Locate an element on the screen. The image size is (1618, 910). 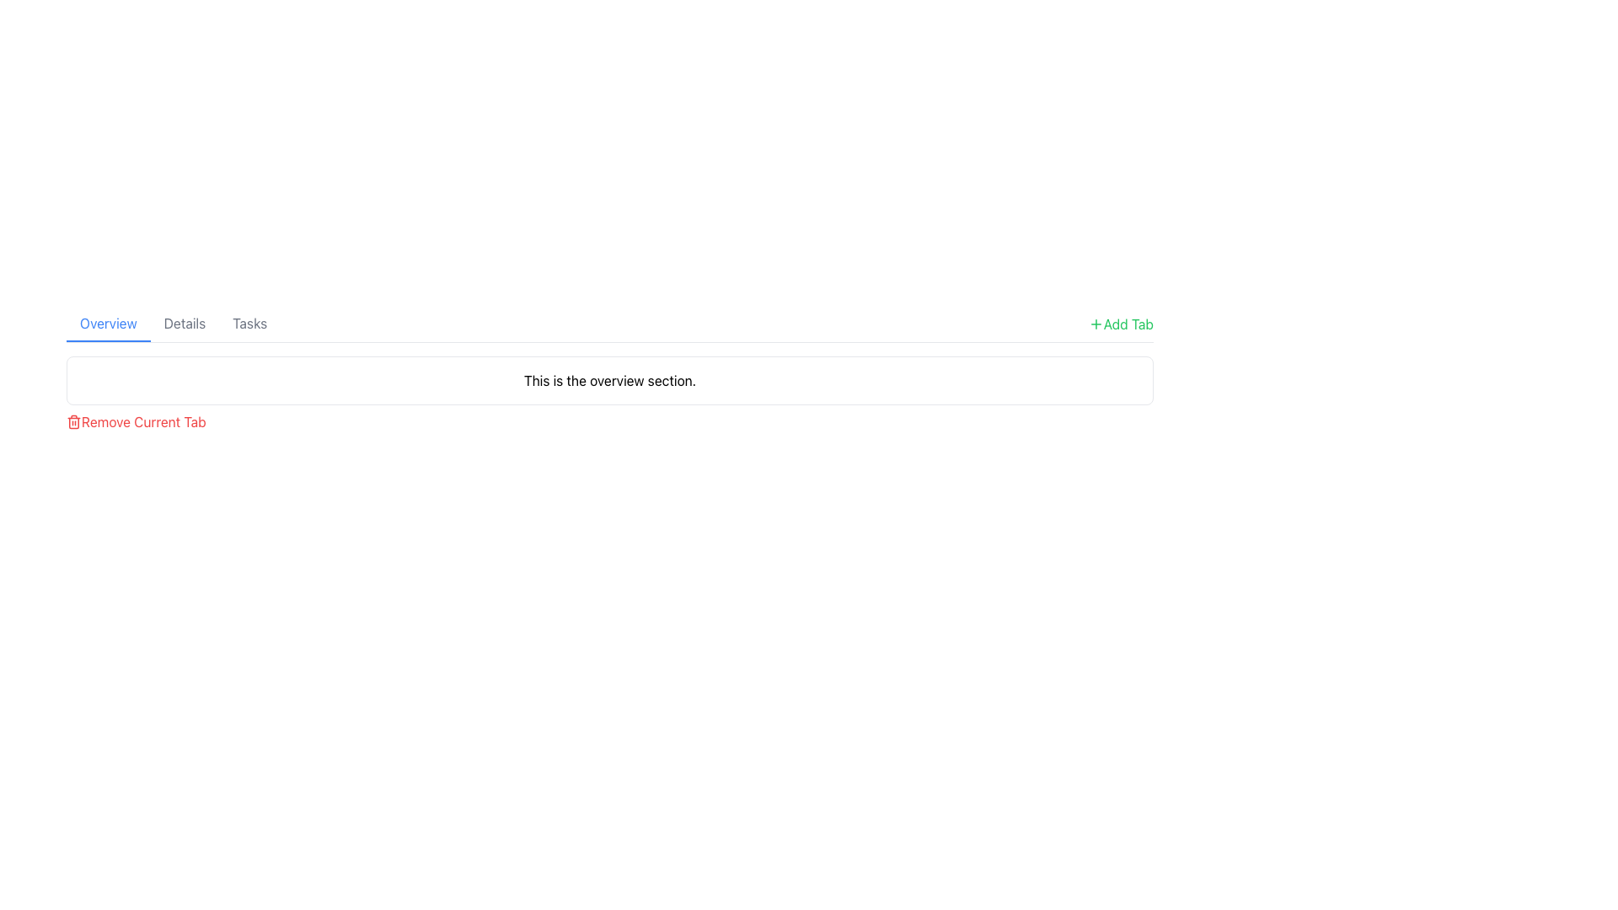
the 'Tasks' tab, which is the third tab in the horizontal navigation bar is located at coordinates (249, 324).